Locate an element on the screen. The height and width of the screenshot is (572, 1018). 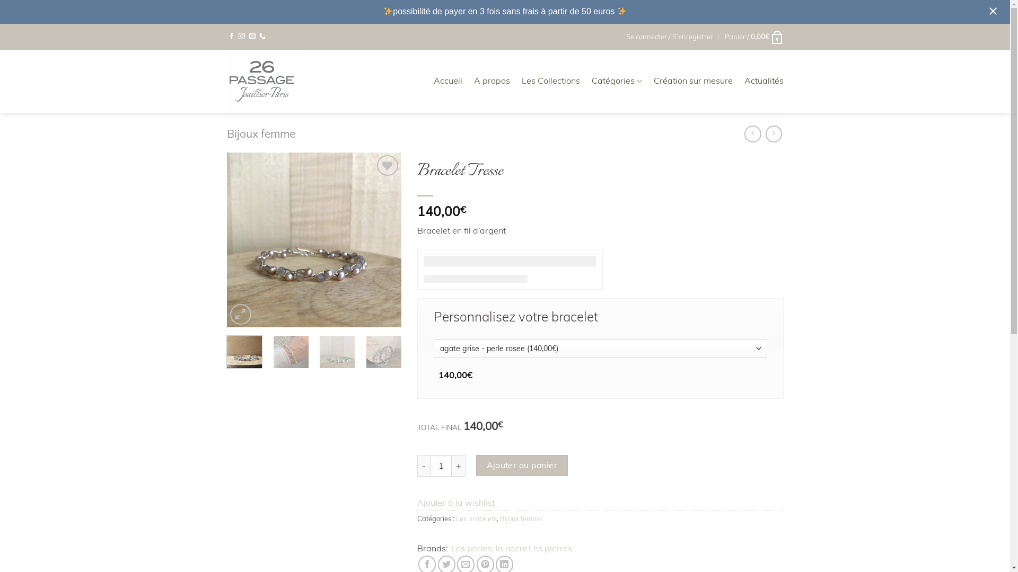
'Qty' is located at coordinates (430, 465).